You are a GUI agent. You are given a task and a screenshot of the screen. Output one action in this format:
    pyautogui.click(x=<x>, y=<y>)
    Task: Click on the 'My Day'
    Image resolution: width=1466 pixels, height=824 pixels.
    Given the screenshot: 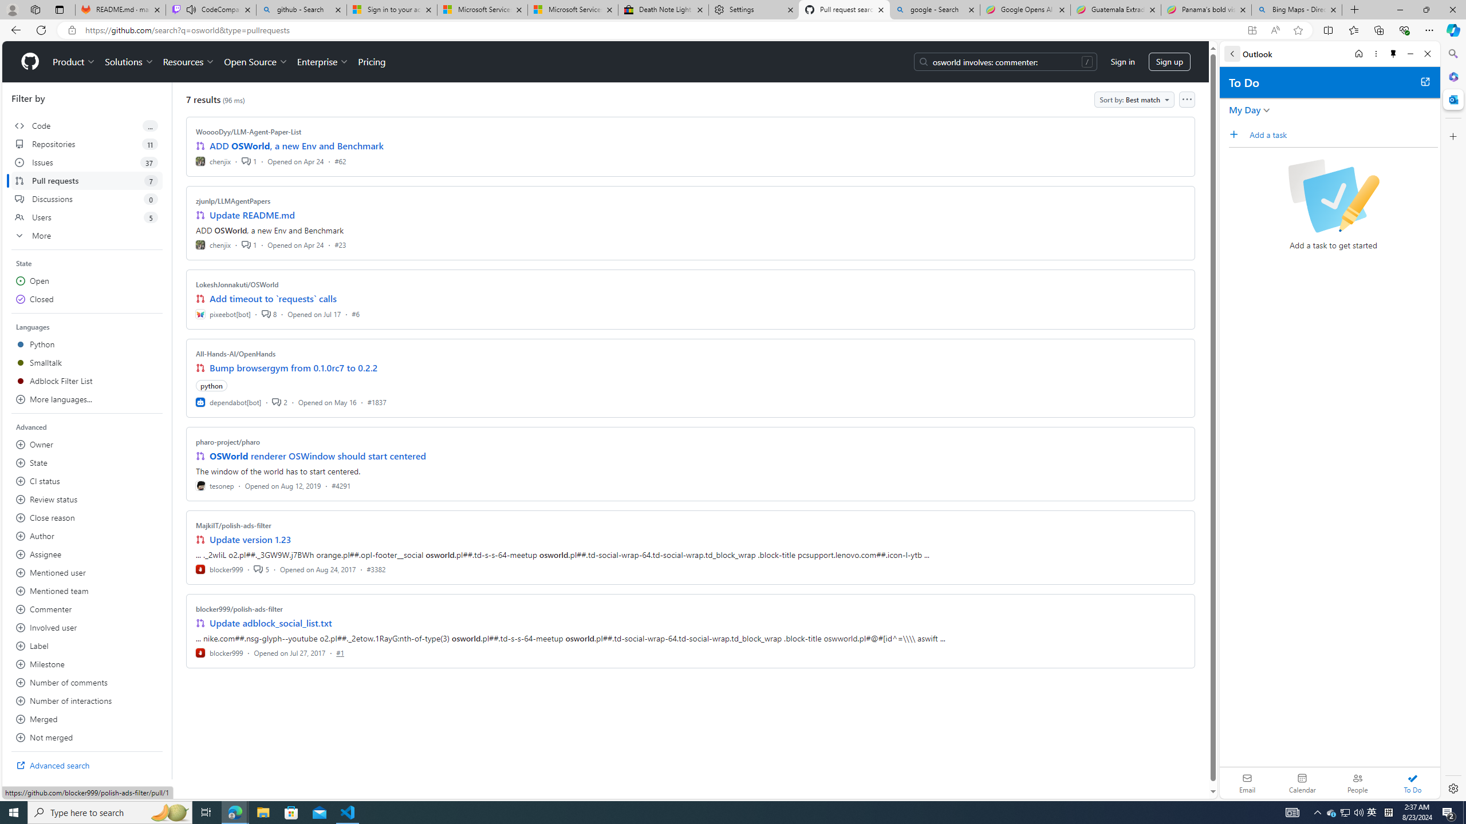 What is the action you would take?
    pyautogui.click(x=1244, y=109)
    